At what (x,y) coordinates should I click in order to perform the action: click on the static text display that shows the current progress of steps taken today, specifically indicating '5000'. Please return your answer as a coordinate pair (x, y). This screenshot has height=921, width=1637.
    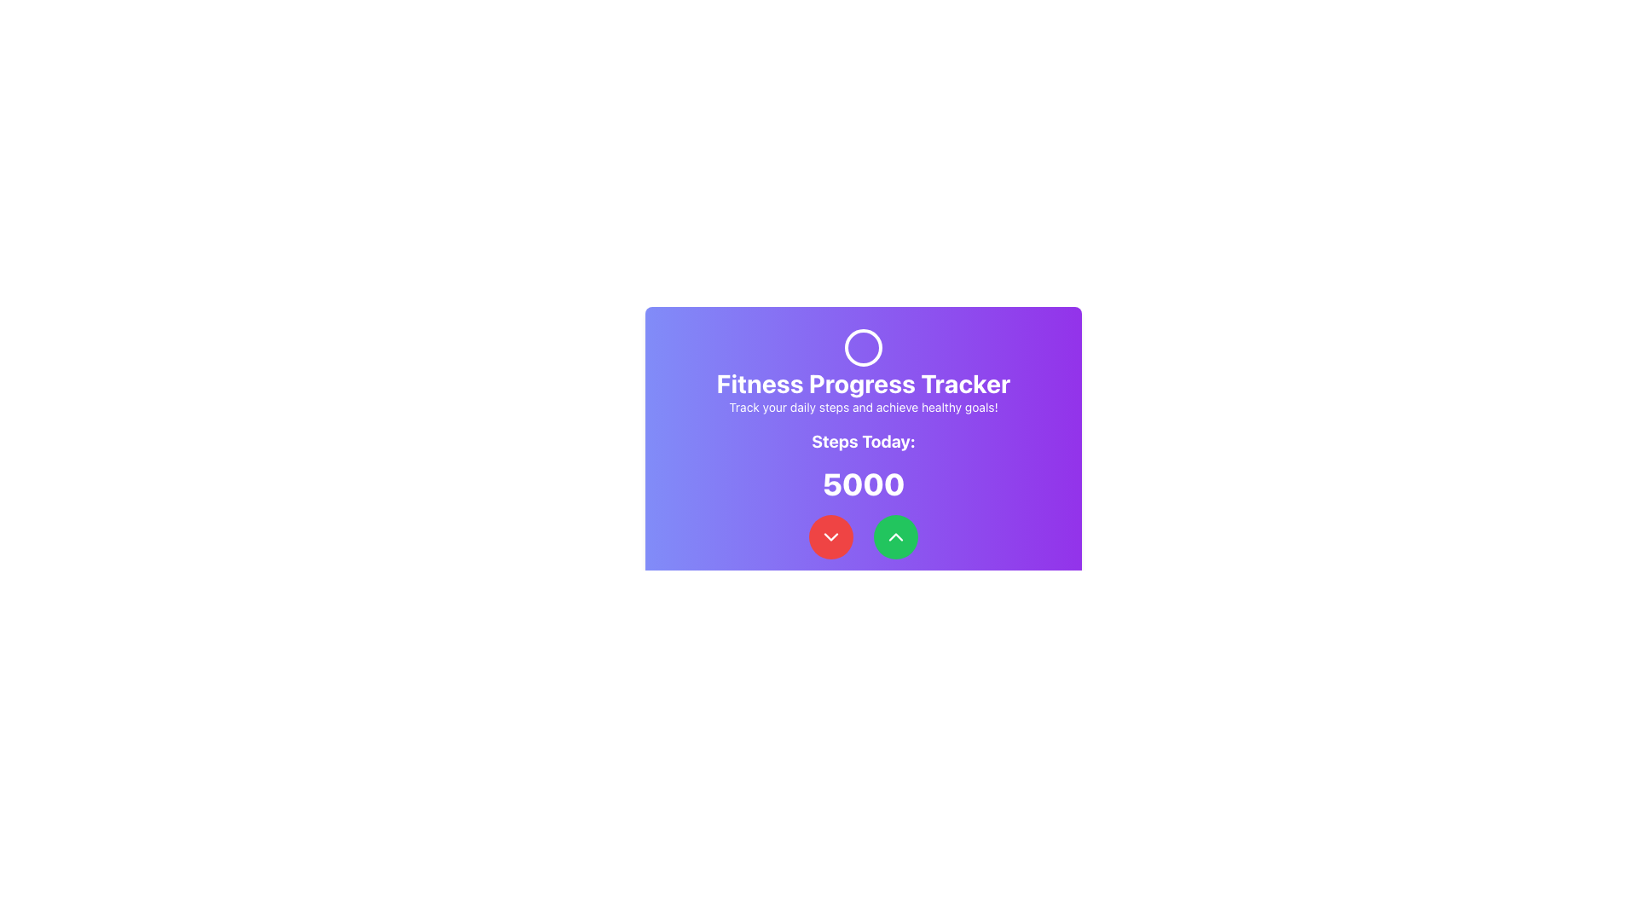
    Looking at the image, I should click on (863, 484).